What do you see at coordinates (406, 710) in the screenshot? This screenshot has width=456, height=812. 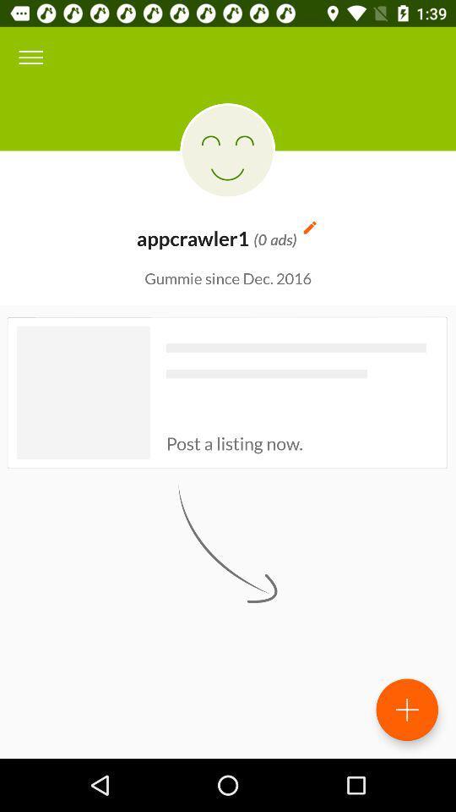 I see `the add icon` at bounding box center [406, 710].